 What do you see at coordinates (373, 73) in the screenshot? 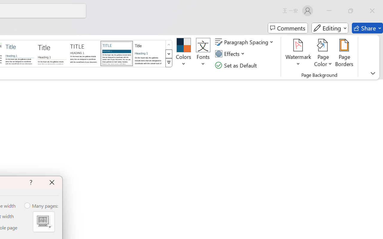
I see `'Ribbon Display Options'` at bounding box center [373, 73].